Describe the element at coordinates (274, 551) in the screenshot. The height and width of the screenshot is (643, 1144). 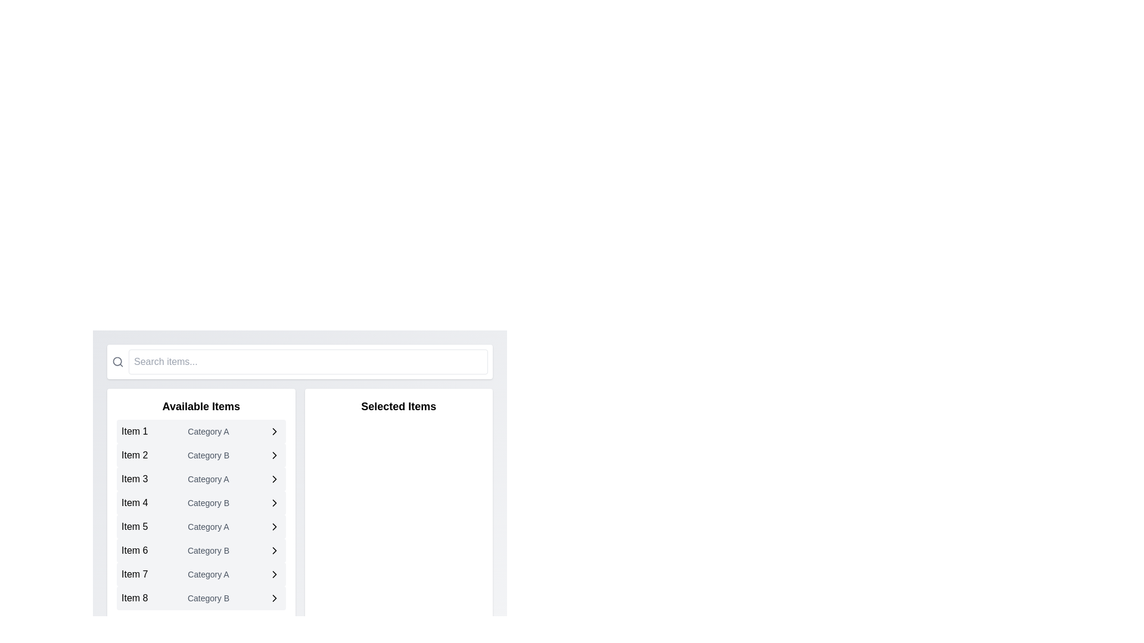
I see `the right-facing chevron icon indicating expandable content` at that location.